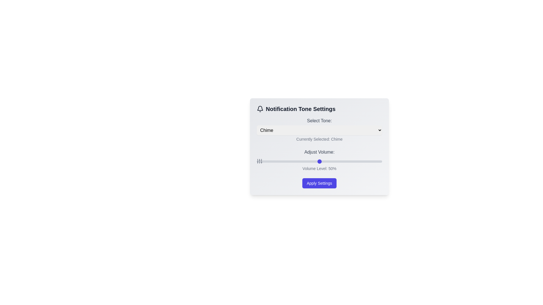 The image size is (543, 305). I want to click on the volume level, so click(369, 161).